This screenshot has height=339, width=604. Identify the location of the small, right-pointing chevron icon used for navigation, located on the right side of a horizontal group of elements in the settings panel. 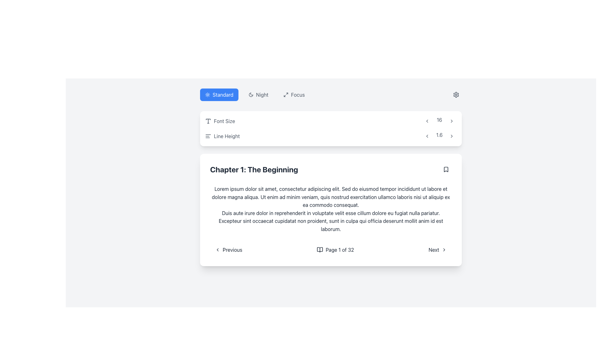
(451, 136).